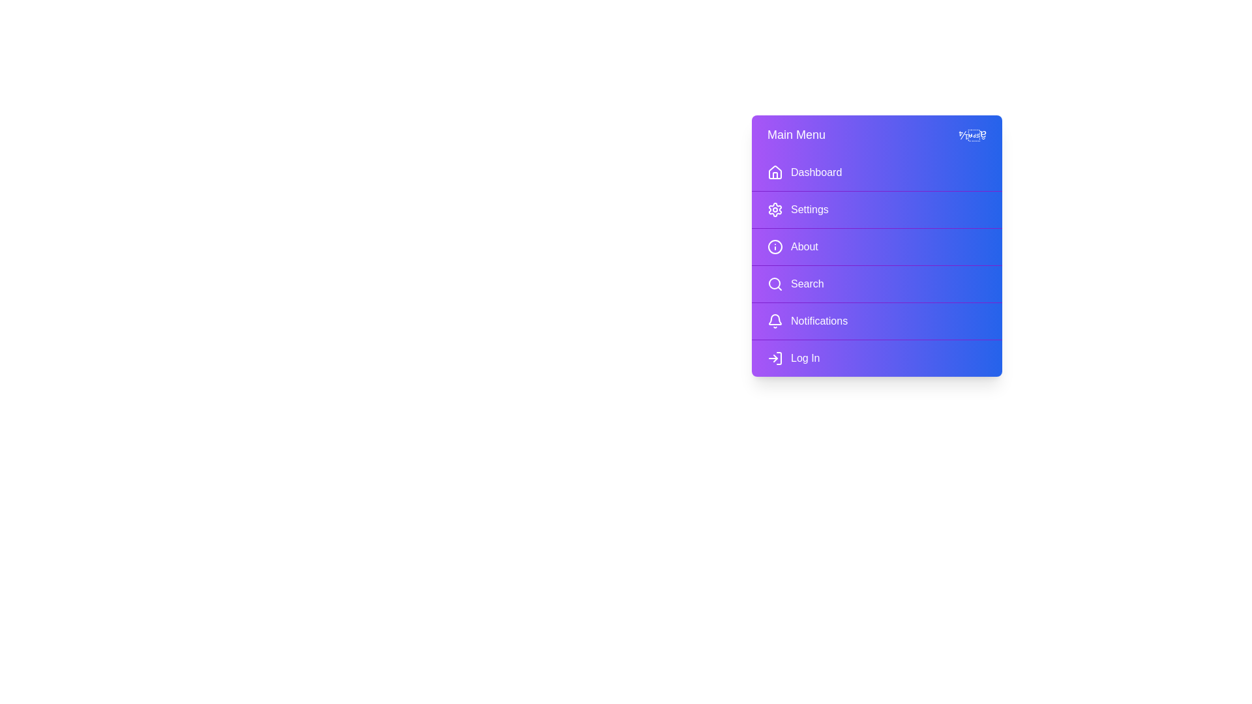 The width and height of the screenshot is (1252, 704). What do you see at coordinates (876, 283) in the screenshot?
I see `the menu item Search to highlight it` at bounding box center [876, 283].